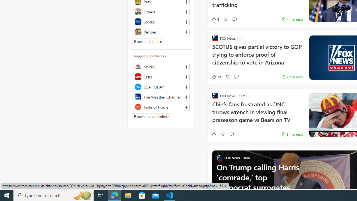 The height and width of the screenshot is (201, 357). I want to click on 'Stocks', so click(161, 21).